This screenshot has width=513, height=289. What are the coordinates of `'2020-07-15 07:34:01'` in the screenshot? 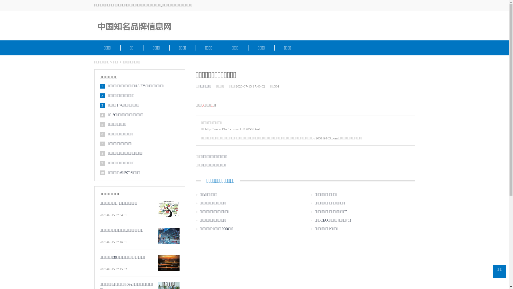 It's located at (126, 215).